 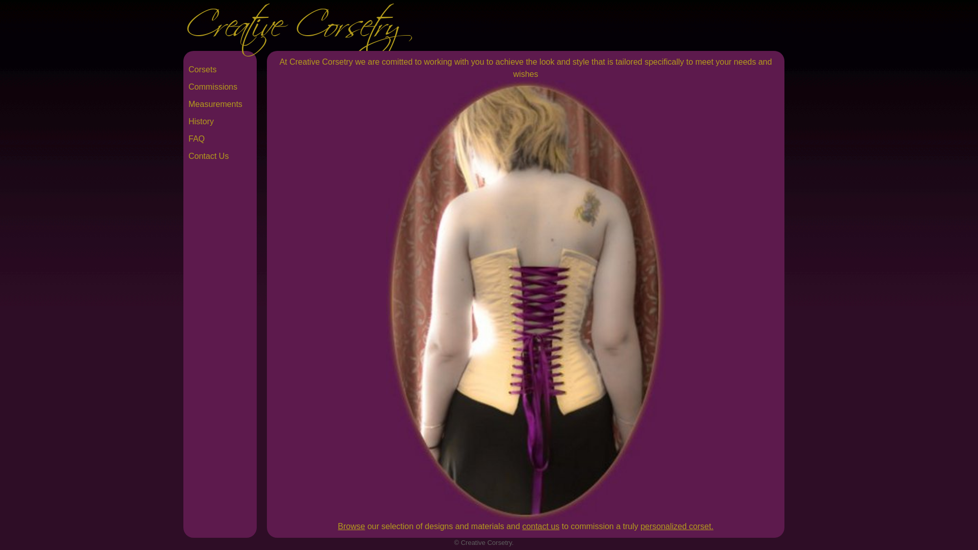 What do you see at coordinates (351, 526) in the screenshot?
I see `'Browse'` at bounding box center [351, 526].